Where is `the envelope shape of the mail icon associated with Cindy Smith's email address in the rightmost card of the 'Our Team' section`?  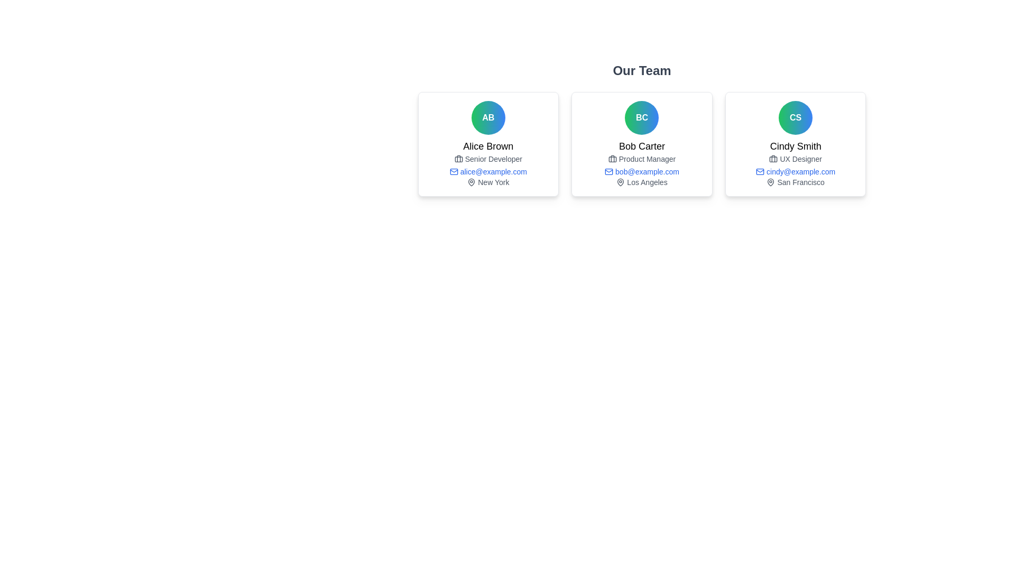 the envelope shape of the mail icon associated with Cindy Smith's email address in the rightmost card of the 'Our Team' section is located at coordinates (760, 171).